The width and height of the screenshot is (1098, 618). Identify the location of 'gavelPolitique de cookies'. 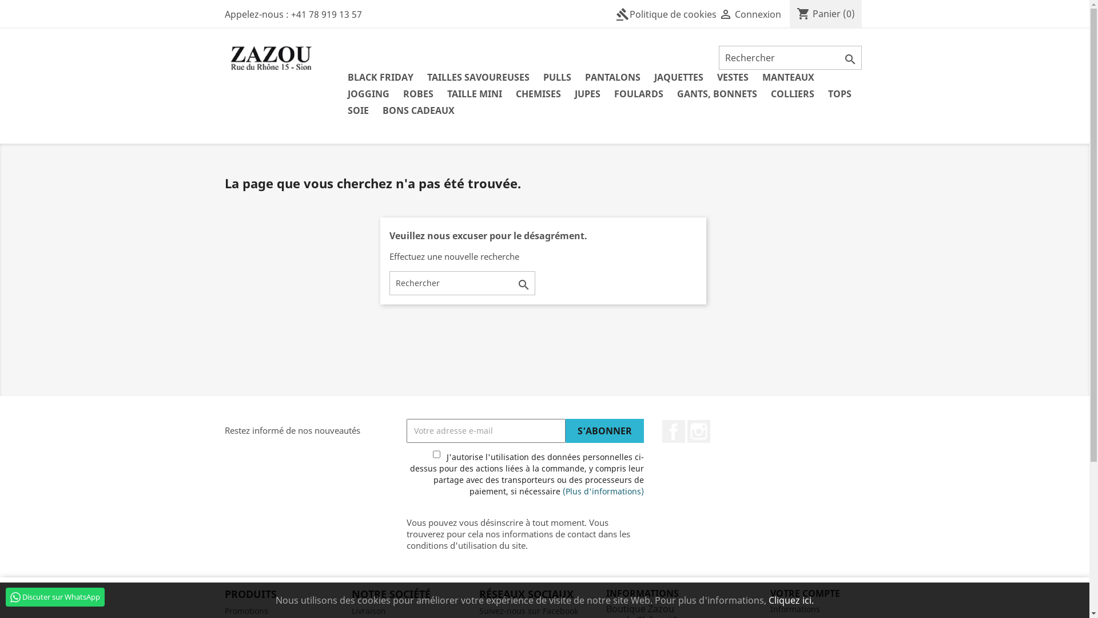
(666, 14).